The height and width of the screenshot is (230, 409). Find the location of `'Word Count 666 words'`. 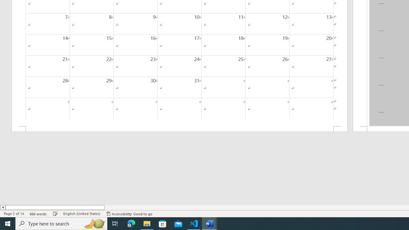

'Word Count 666 words' is located at coordinates (38, 214).